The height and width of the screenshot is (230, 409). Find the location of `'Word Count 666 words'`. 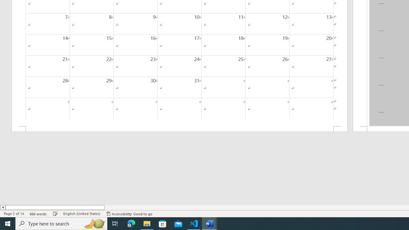

'Word Count 666 words' is located at coordinates (38, 214).